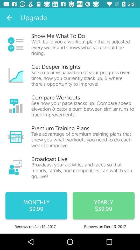 The width and height of the screenshot is (140, 250). What do you see at coordinates (36, 205) in the screenshot?
I see `the monthly` at bounding box center [36, 205].